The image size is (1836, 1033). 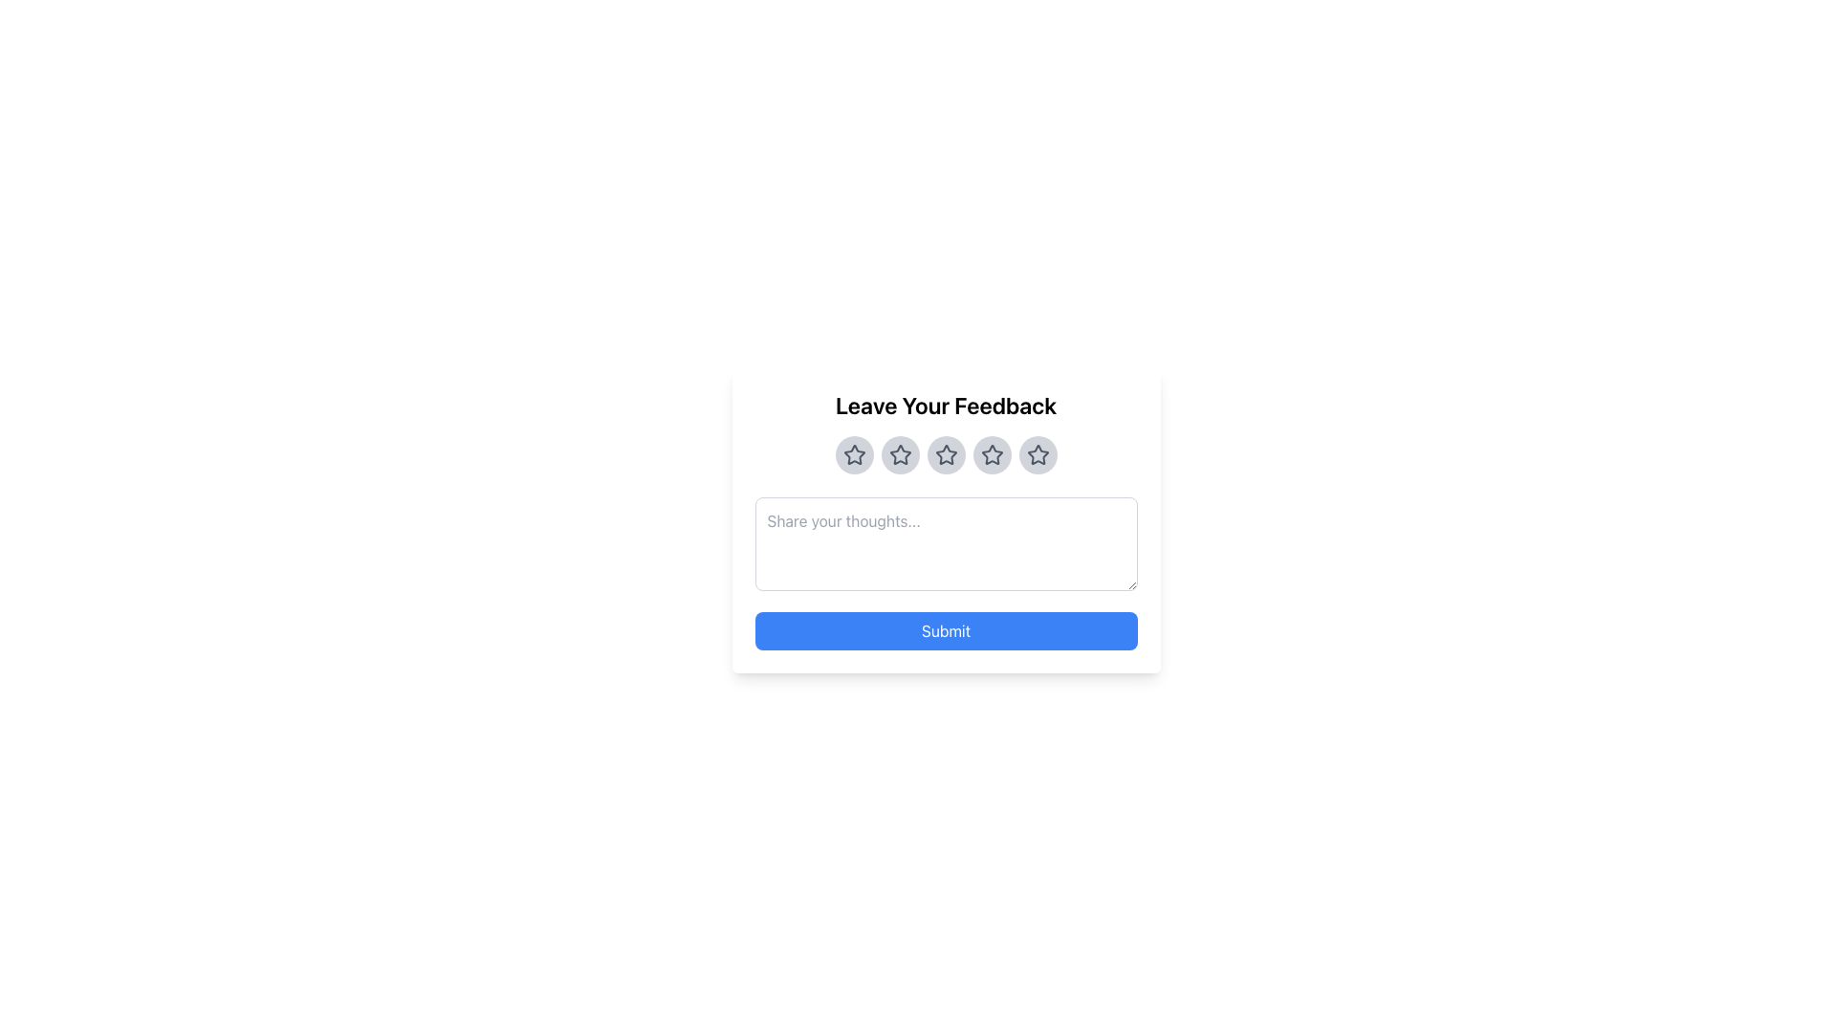 What do you see at coordinates (946, 454) in the screenshot?
I see `the third star in the rating system` at bounding box center [946, 454].